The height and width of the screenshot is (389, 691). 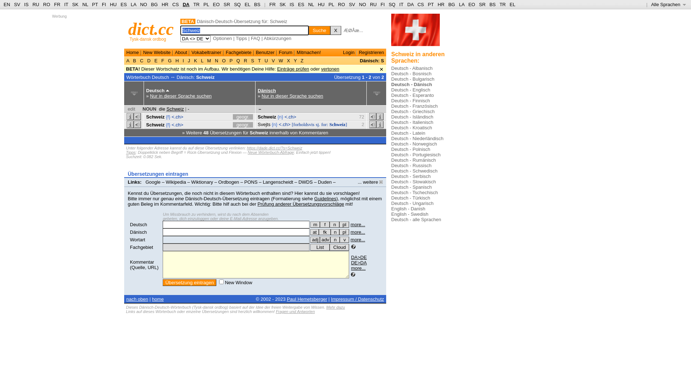 What do you see at coordinates (357, 299) in the screenshot?
I see `'Impressum / Datenschutz'` at bounding box center [357, 299].